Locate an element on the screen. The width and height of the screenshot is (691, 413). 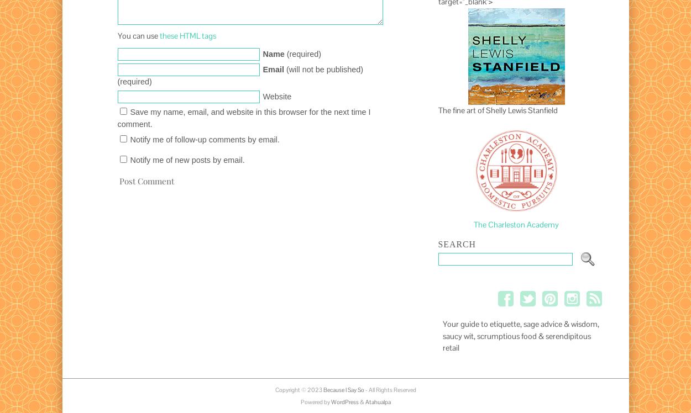
'Notify me of new posts by email.' is located at coordinates (129, 160).